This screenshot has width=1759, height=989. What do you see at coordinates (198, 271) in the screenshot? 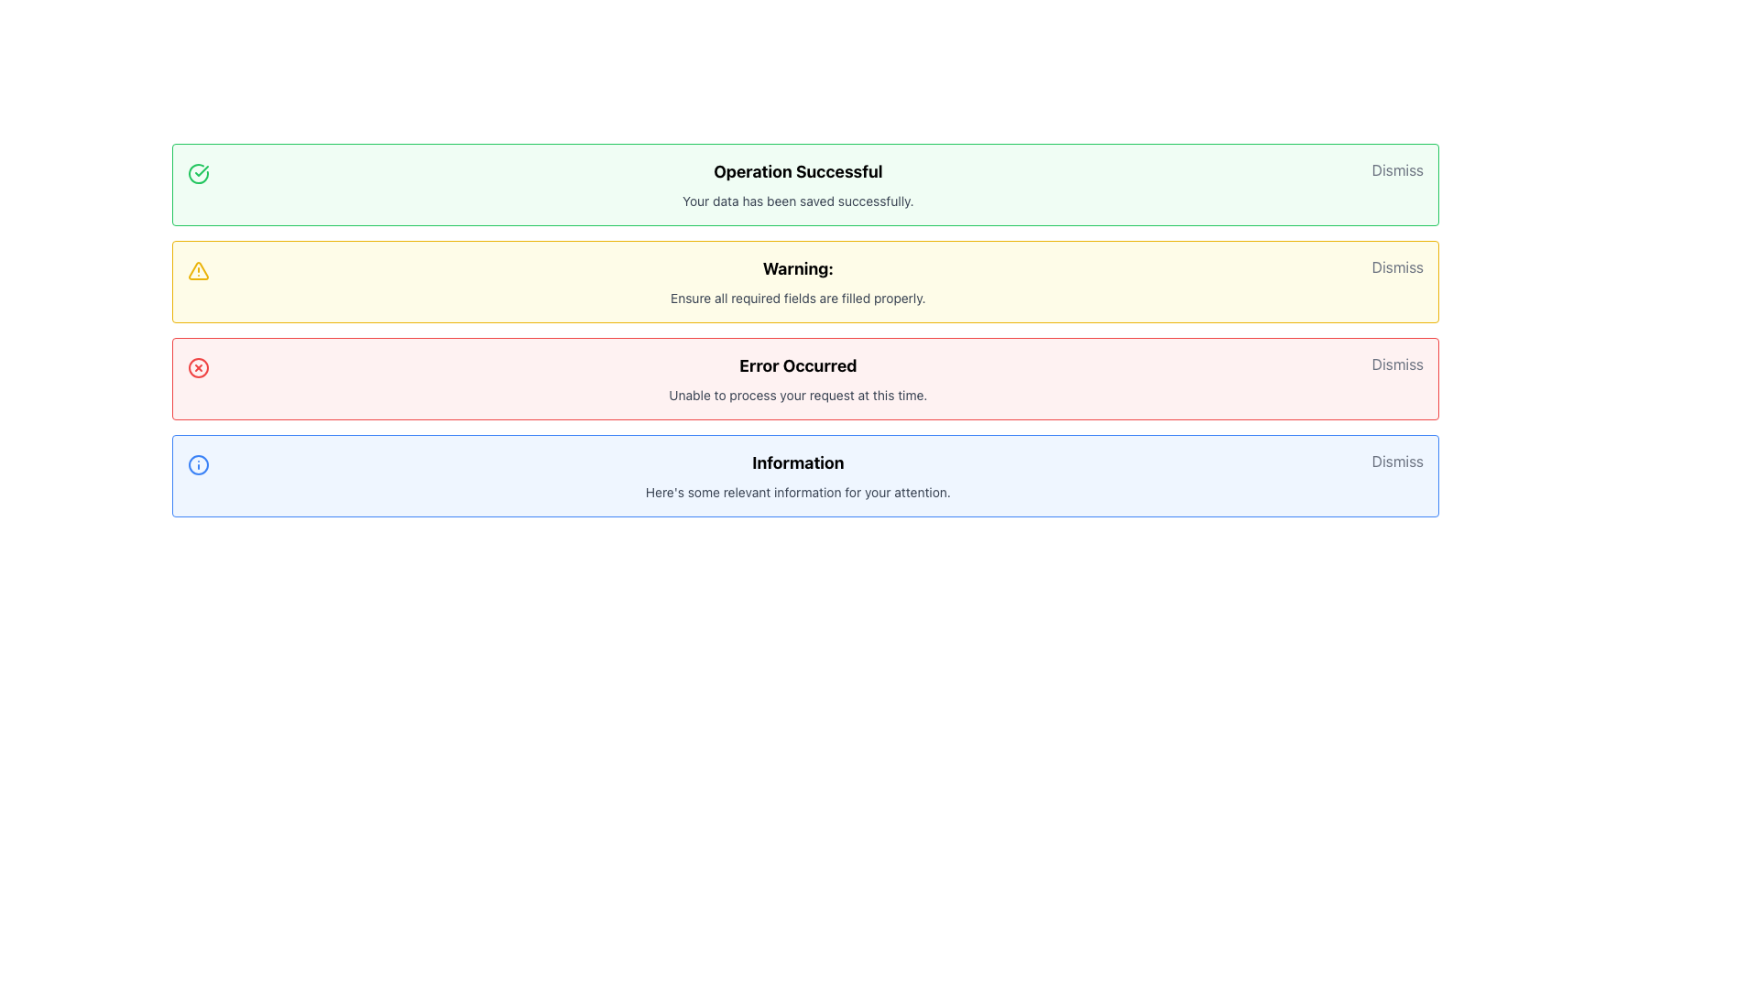
I see `the triangular warning icon with a yellow border and exclamation mark located to the left of the warning text 'Warning: Ensure all required fields are filled properly.'` at bounding box center [198, 271].